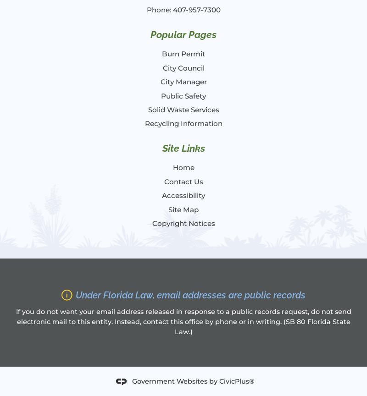  I want to click on 'Solid Waste Services', so click(183, 109).